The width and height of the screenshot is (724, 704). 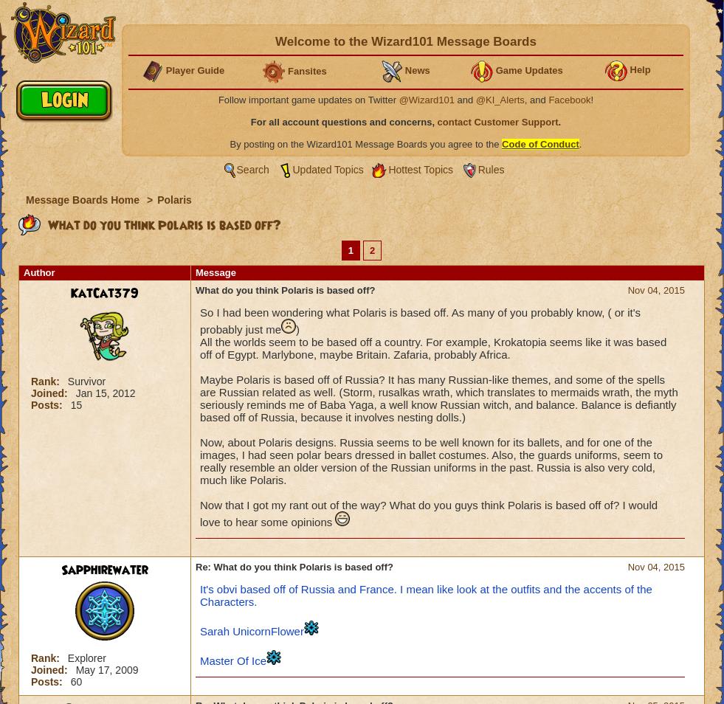 What do you see at coordinates (287, 69) in the screenshot?
I see `'Fansites'` at bounding box center [287, 69].